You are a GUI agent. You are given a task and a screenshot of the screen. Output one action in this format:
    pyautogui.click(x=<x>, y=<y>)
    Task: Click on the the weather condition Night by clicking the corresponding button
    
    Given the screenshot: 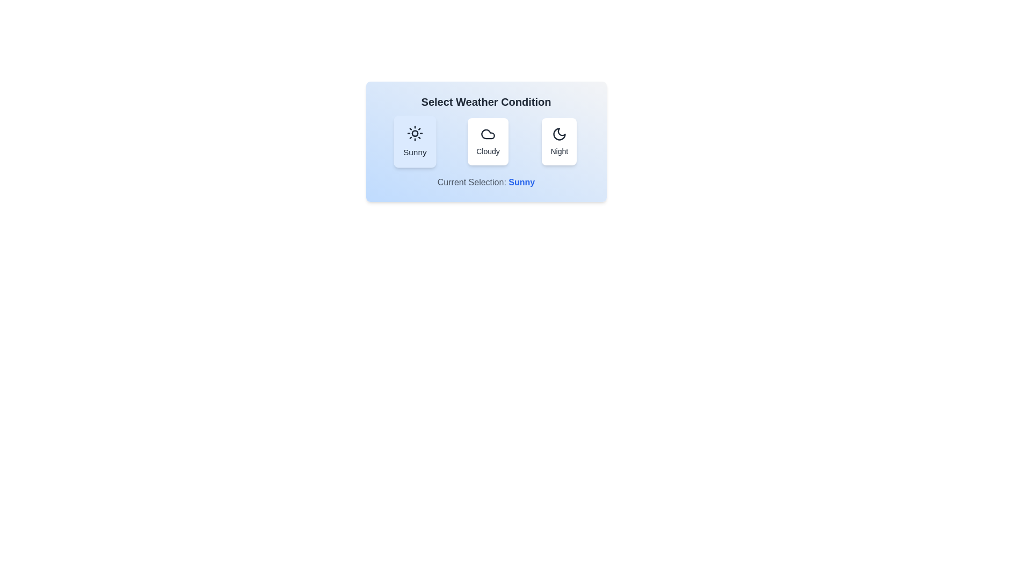 What is the action you would take?
    pyautogui.click(x=558, y=141)
    